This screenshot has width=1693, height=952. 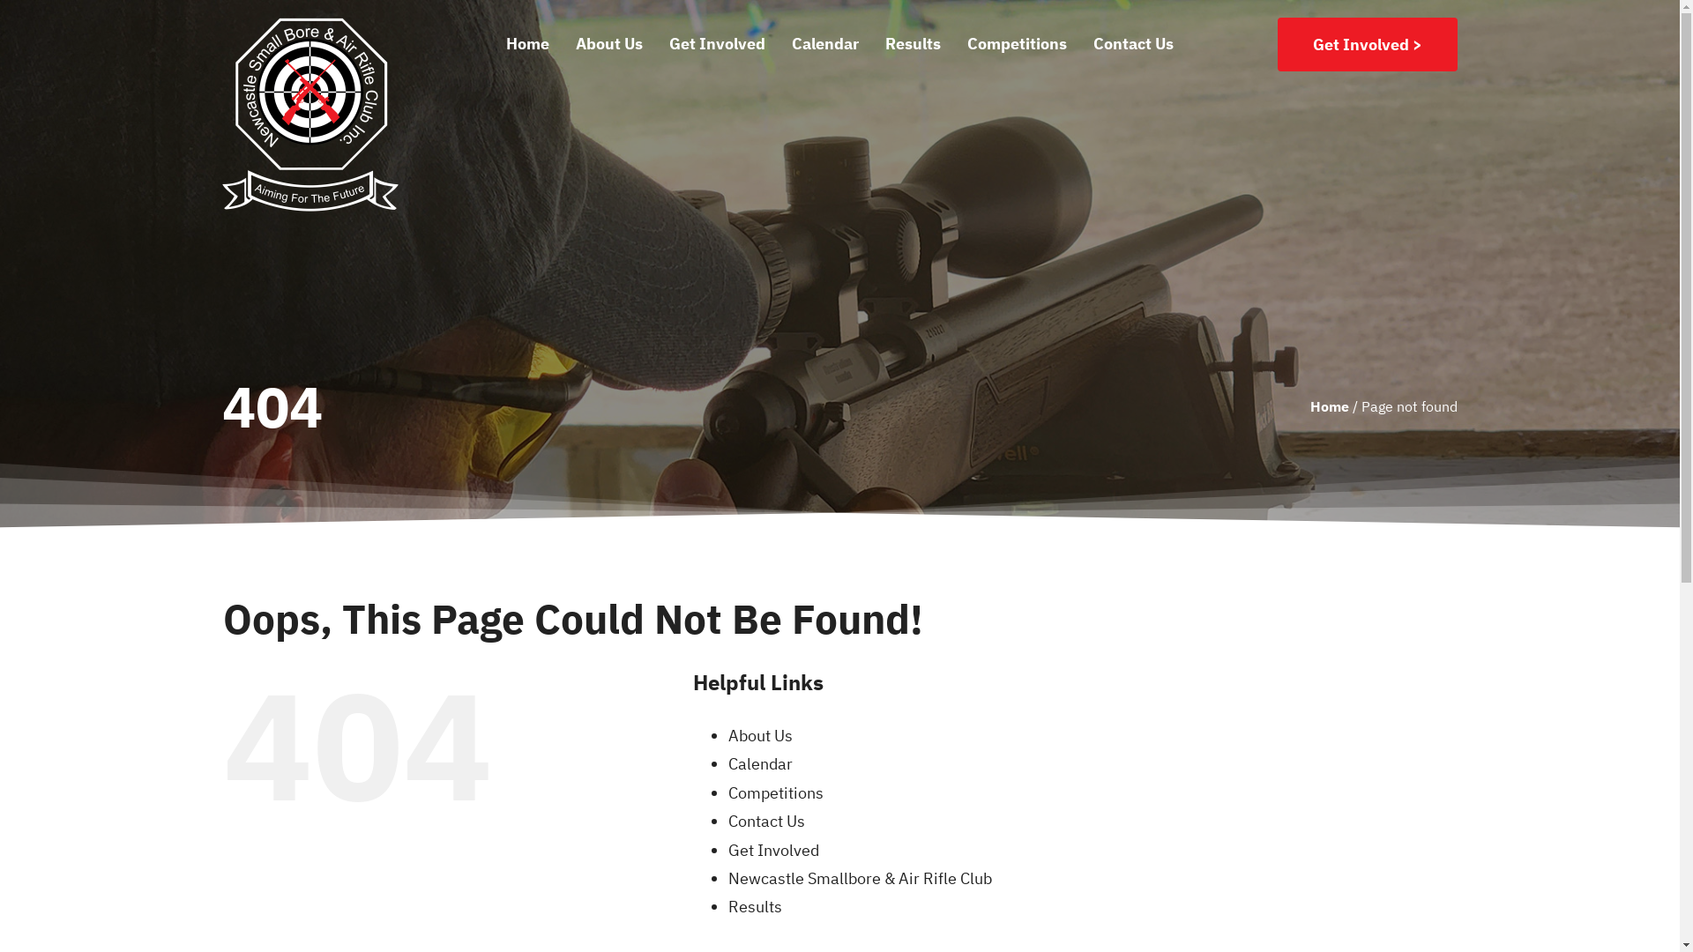 What do you see at coordinates (526, 43) in the screenshot?
I see `'Home'` at bounding box center [526, 43].